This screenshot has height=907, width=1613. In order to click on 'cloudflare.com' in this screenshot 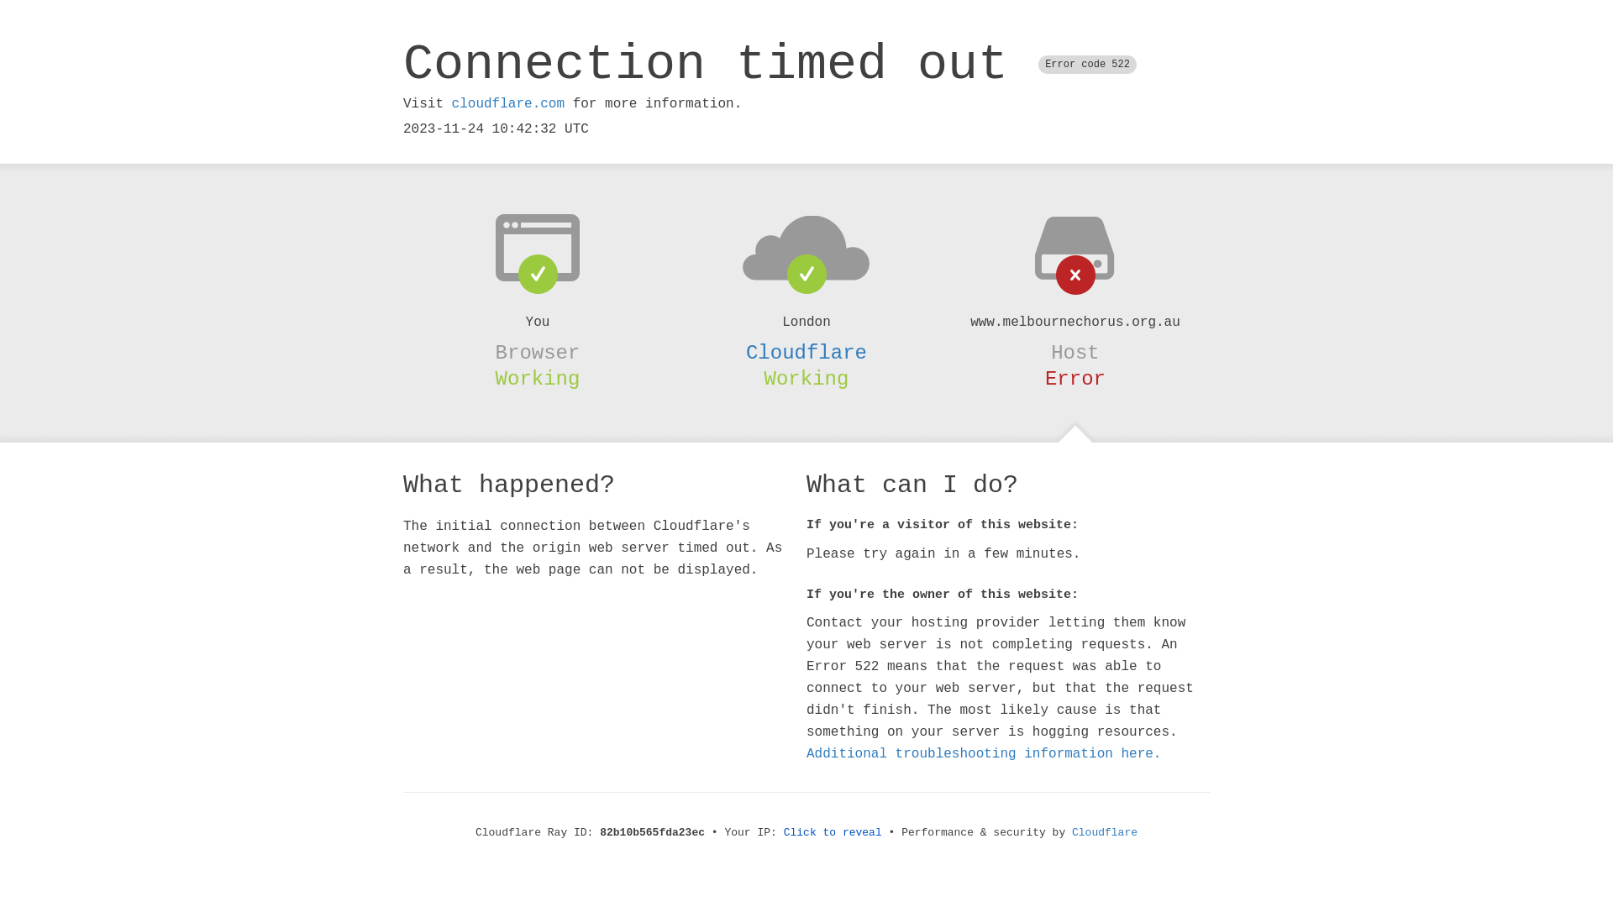, I will do `click(507, 103)`.